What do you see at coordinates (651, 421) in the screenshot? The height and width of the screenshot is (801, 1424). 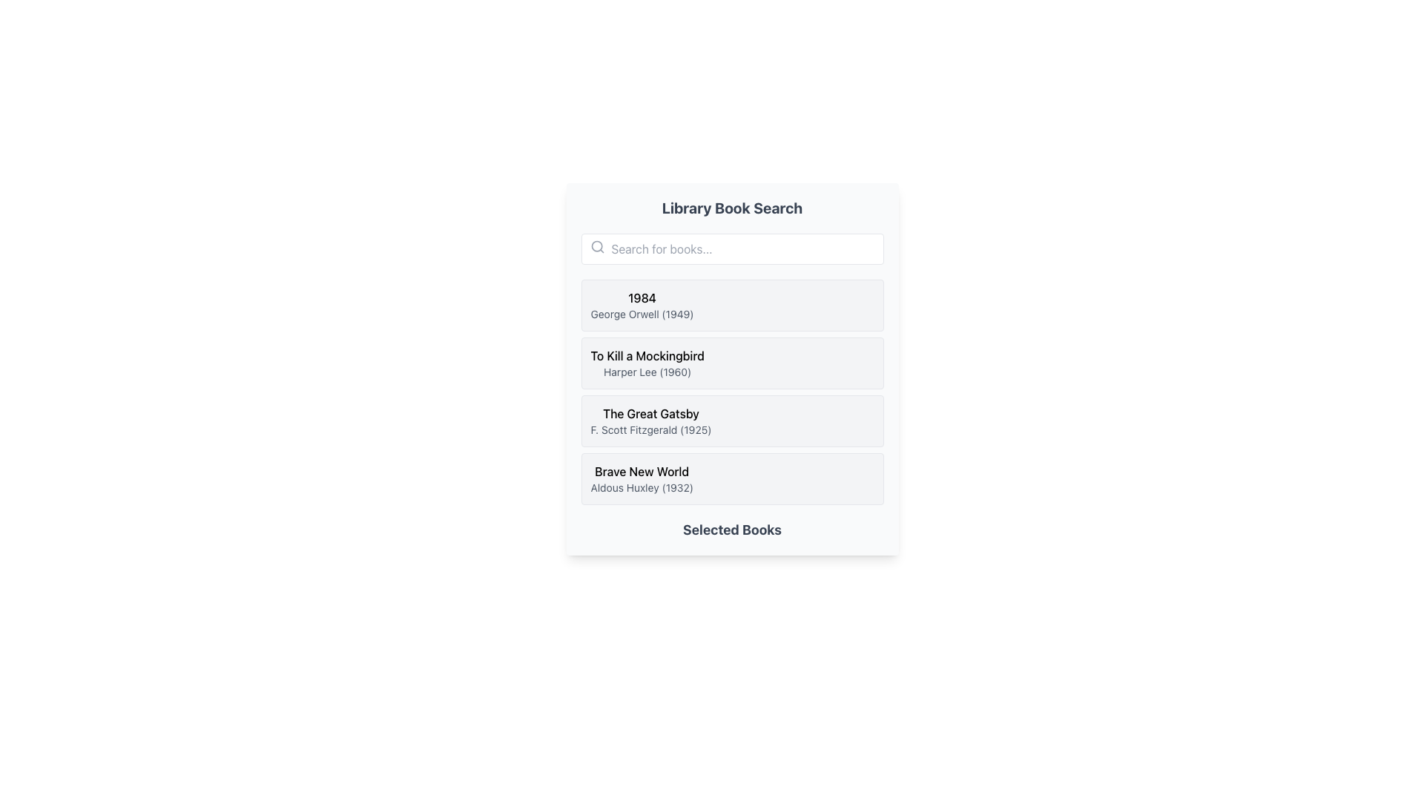 I see `text displayed for the book entry titled 'The Great Gatsby' by F. Scott Fitzgerald, which is the third entry in the list of books` at bounding box center [651, 421].